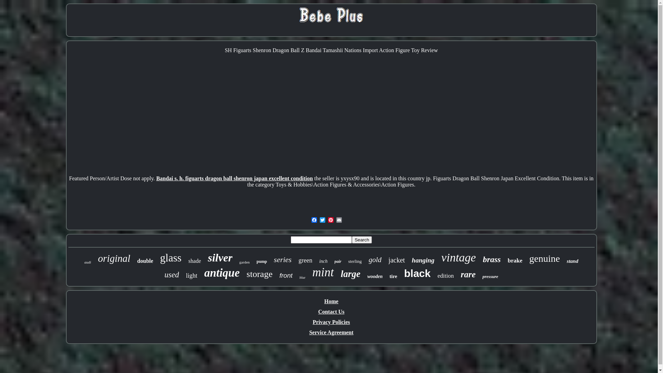  What do you see at coordinates (286, 275) in the screenshot?
I see `'front'` at bounding box center [286, 275].